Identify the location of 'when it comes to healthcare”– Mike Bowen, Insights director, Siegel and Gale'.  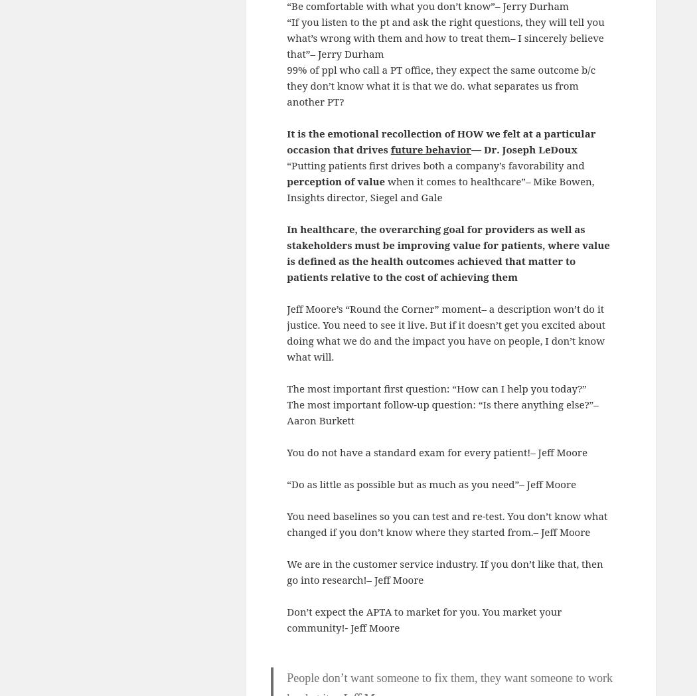
(439, 188).